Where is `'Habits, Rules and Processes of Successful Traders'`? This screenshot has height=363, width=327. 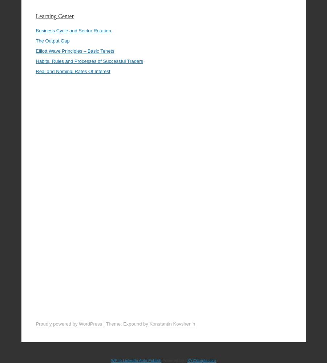
'Habits, Rules and Processes of Successful Traders' is located at coordinates (35, 41).